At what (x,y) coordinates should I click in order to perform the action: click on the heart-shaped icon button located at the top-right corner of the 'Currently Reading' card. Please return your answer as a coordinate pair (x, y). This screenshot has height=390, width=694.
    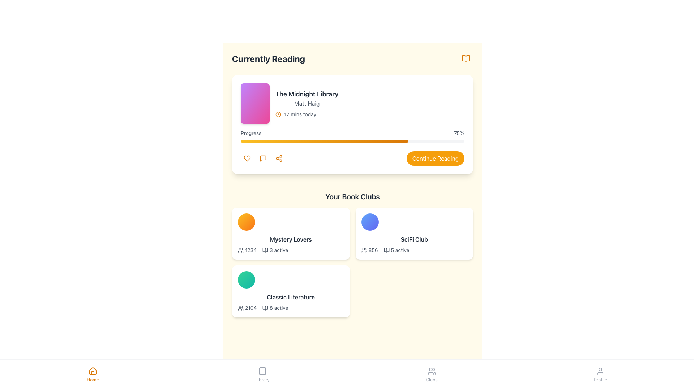
    Looking at the image, I should click on (247, 158).